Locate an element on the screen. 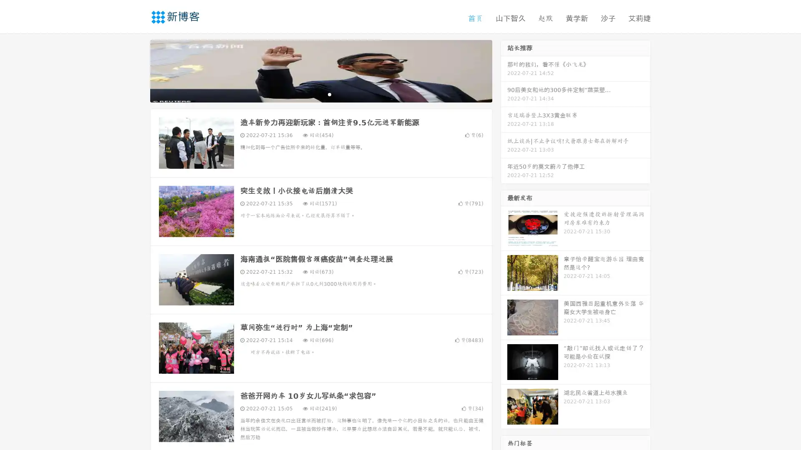 This screenshot has width=801, height=450. Next slide is located at coordinates (504, 70).